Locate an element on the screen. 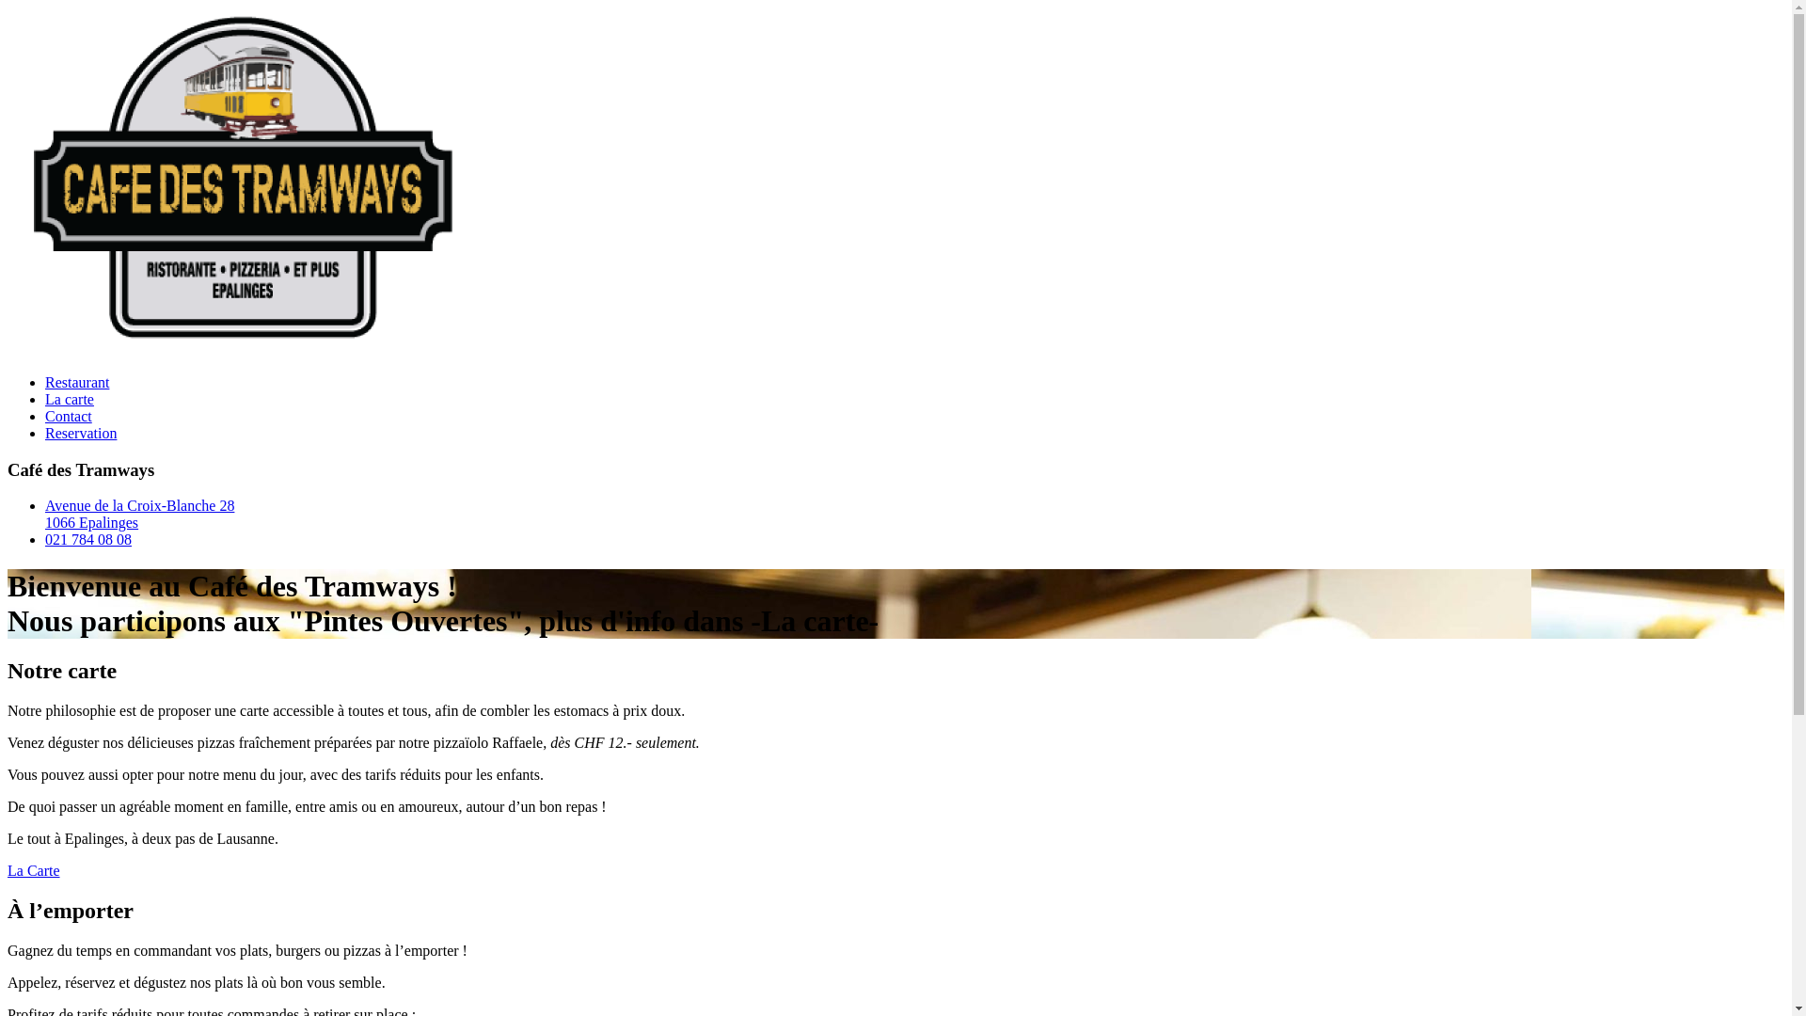 The width and height of the screenshot is (1806, 1016). 'Avenue de la Croix-Blanche 28 is located at coordinates (138, 514).